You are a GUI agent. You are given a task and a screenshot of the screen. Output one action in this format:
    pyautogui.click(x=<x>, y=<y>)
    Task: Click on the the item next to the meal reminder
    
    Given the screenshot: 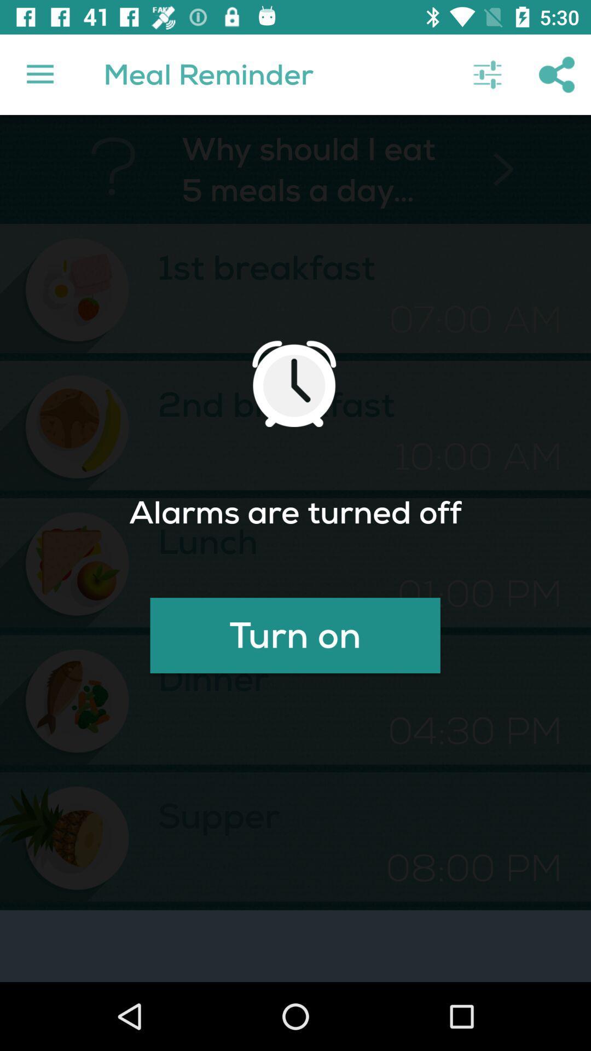 What is the action you would take?
    pyautogui.click(x=487, y=74)
    